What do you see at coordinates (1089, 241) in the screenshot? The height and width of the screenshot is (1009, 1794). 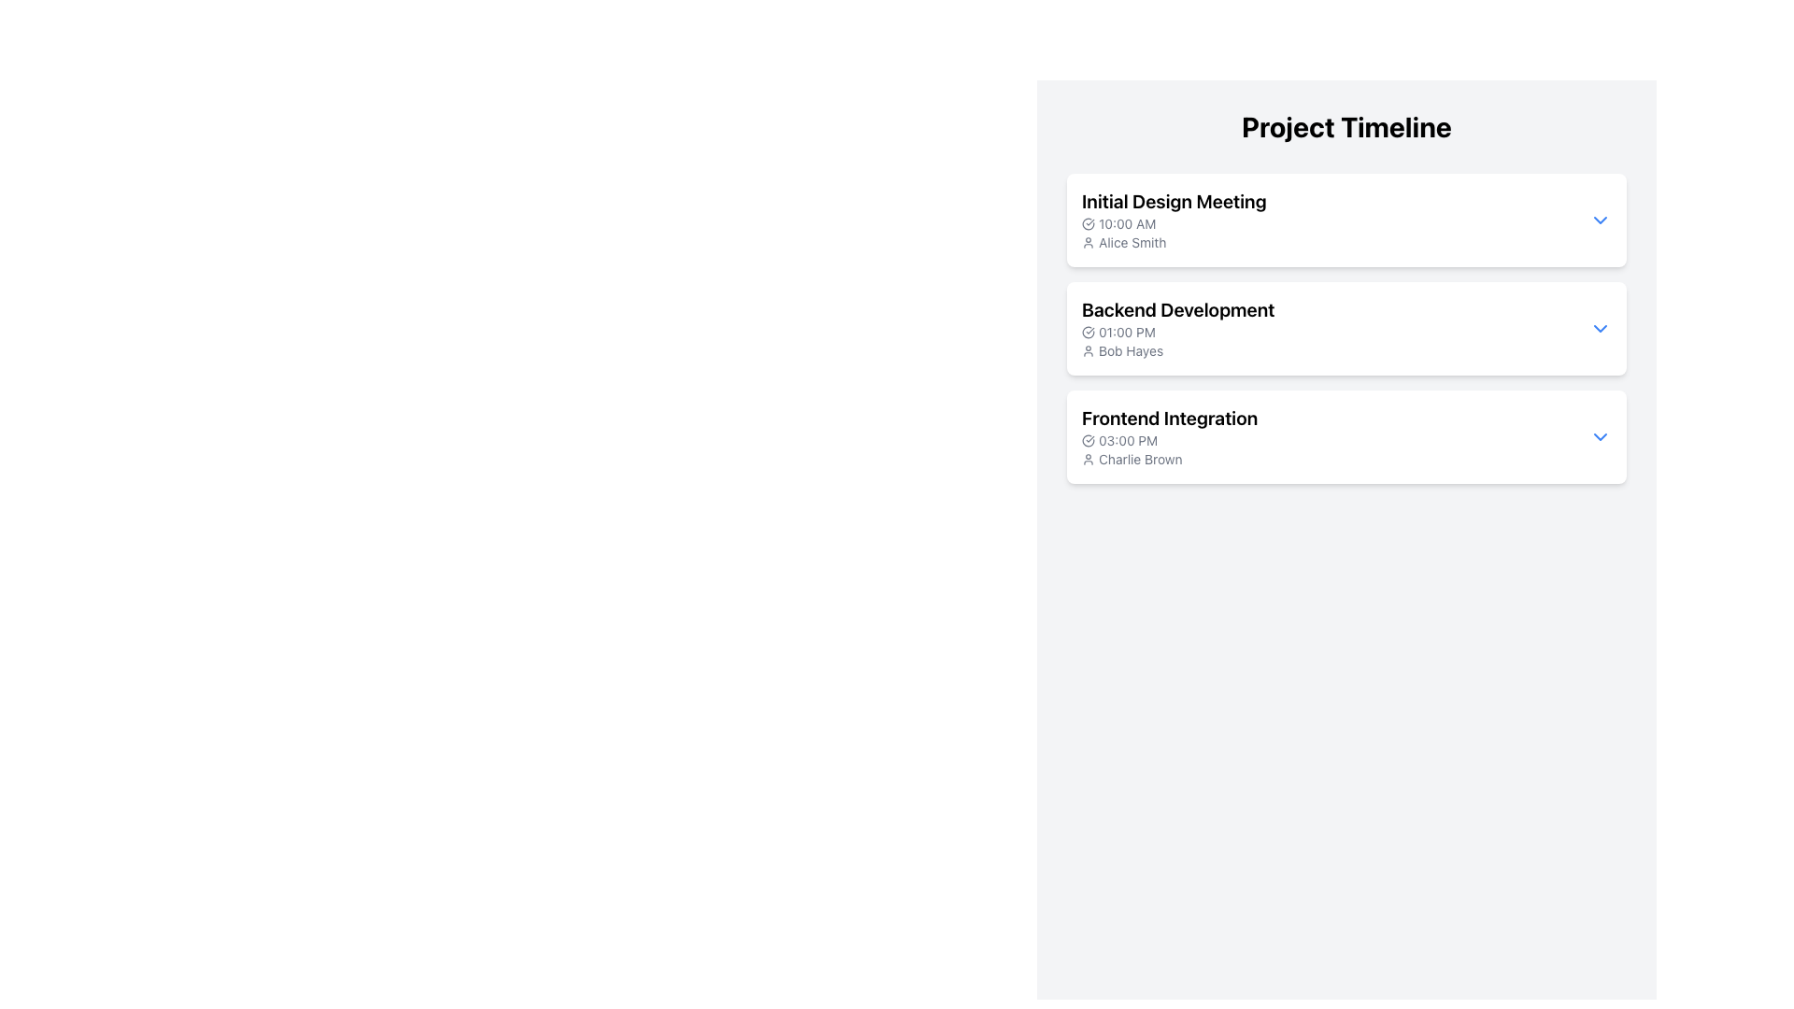 I see `the user icon representing a person, which is located to the left of the 'Alice Smith' text in the Initial Design Meeting section of the Project Timeline interface` at bounding box center [1089, 241].